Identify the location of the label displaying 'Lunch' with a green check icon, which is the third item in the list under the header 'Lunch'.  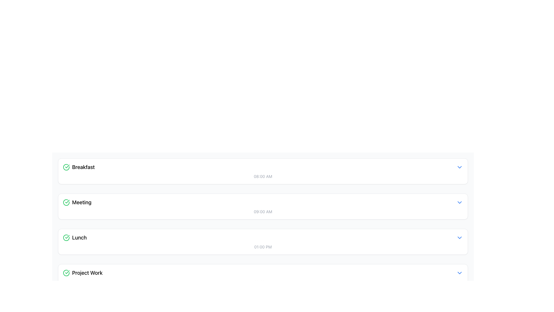
(74, 237).